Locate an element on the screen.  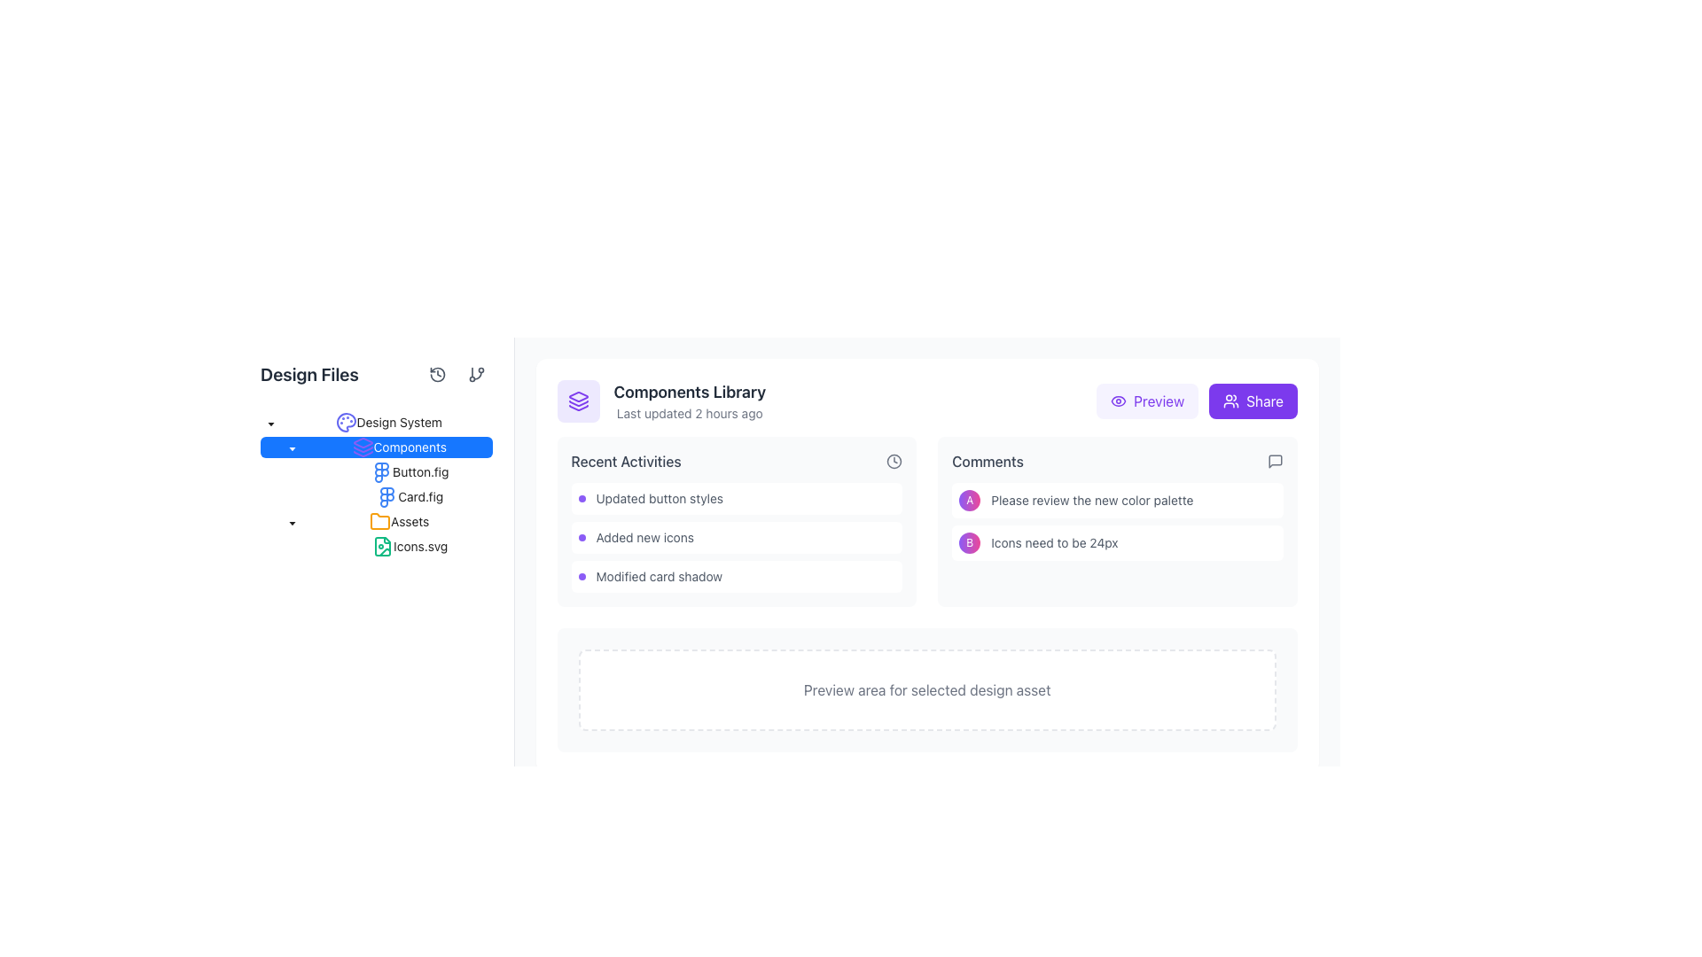
the 'Comments' text label, which is displayed in a medium-weight gray font and located in the top-right of the interface, within the 'Recent Activities' section is located at coordinates (987, 460).